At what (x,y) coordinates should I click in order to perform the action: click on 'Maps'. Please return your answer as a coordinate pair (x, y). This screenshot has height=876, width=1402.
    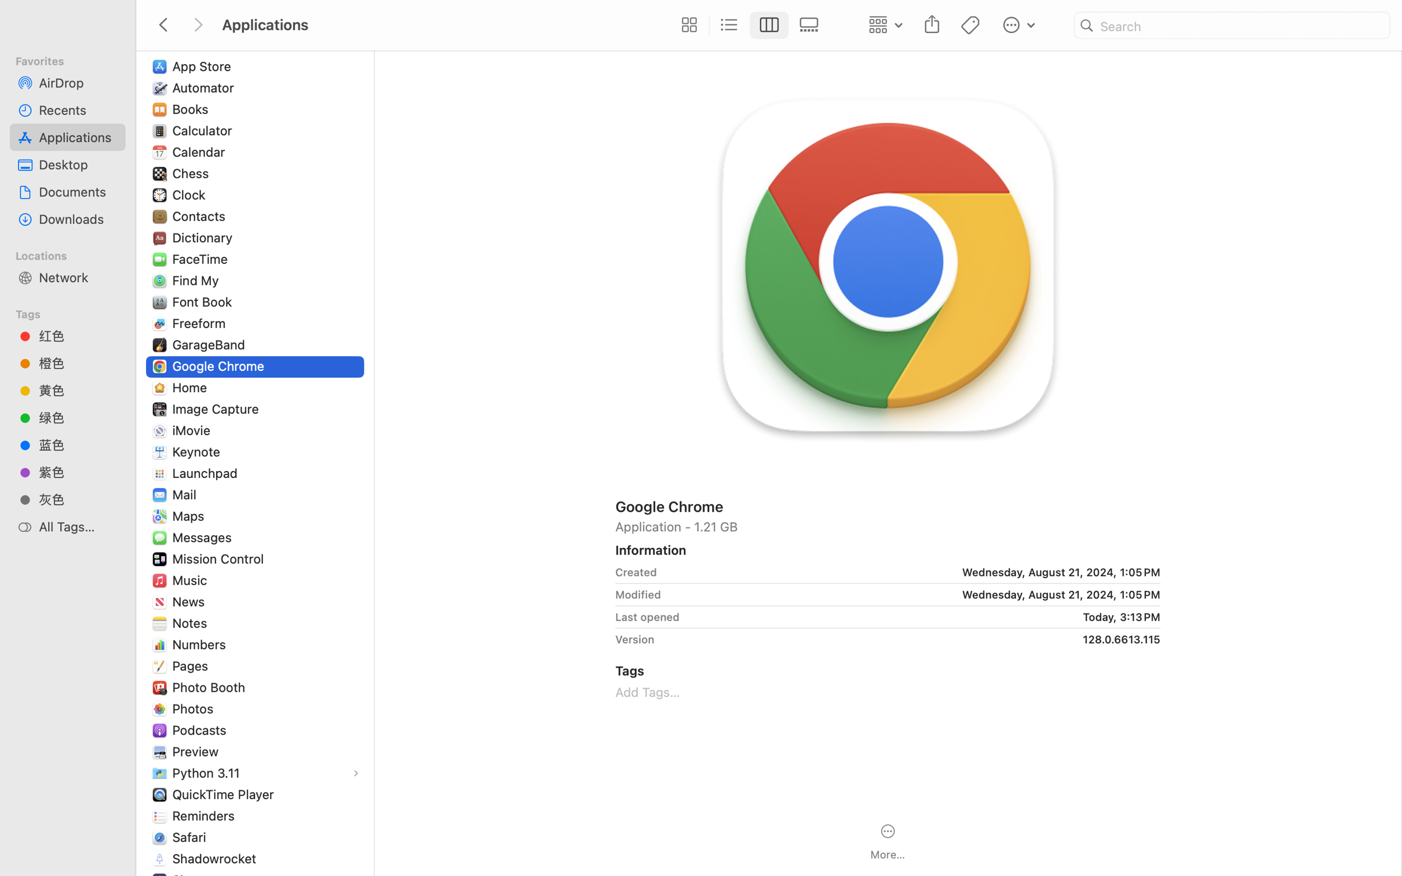
    Looking at the image, I should click on (191, 516).